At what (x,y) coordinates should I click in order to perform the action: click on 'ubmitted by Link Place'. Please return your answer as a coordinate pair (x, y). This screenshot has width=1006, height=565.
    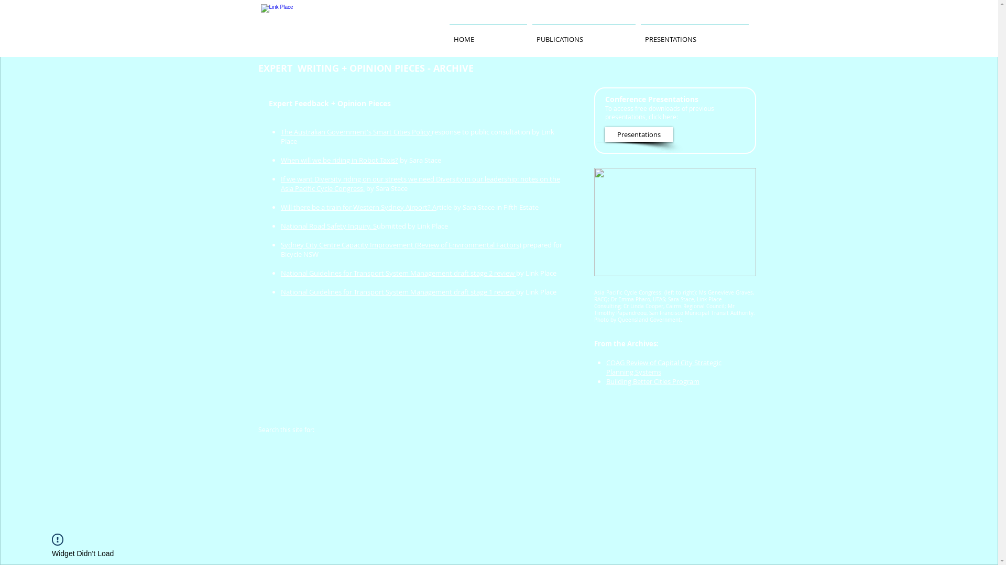
    Looking at the image, I should click on (412, 225).